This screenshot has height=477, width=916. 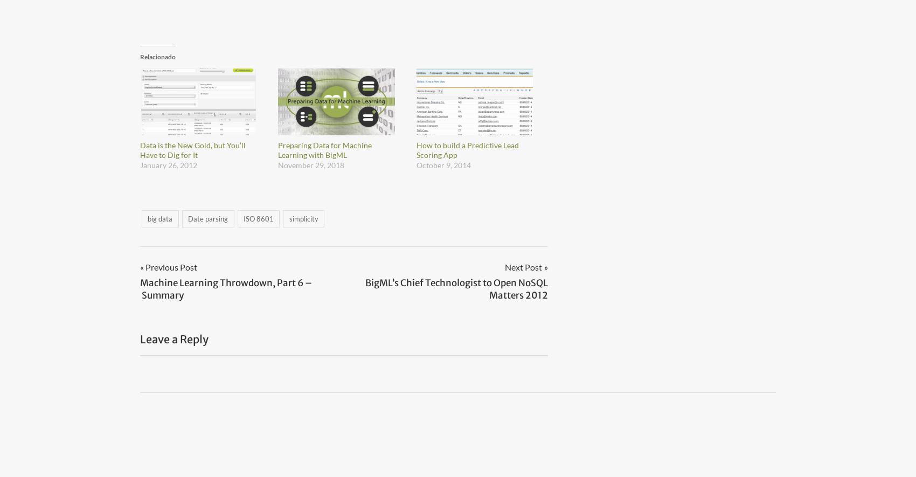 I want to click on 'Machine Learning Throwdown, Part 6 – Summary', so click(x=225, y=288).